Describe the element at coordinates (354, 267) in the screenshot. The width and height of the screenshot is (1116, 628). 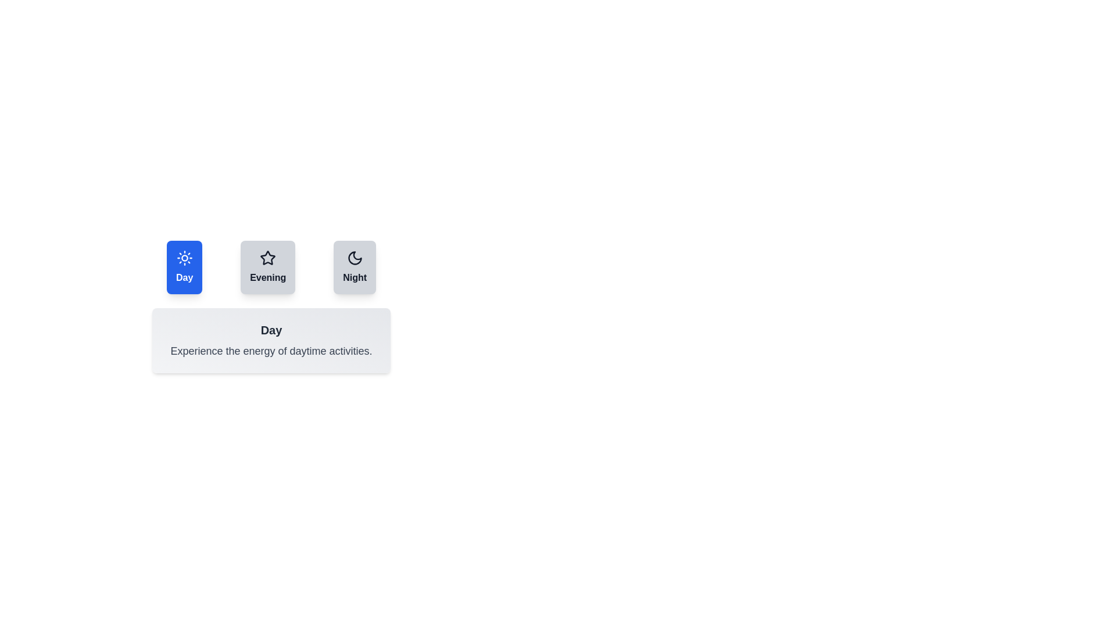
I see `the tab labeled Night to activate it` at that location.